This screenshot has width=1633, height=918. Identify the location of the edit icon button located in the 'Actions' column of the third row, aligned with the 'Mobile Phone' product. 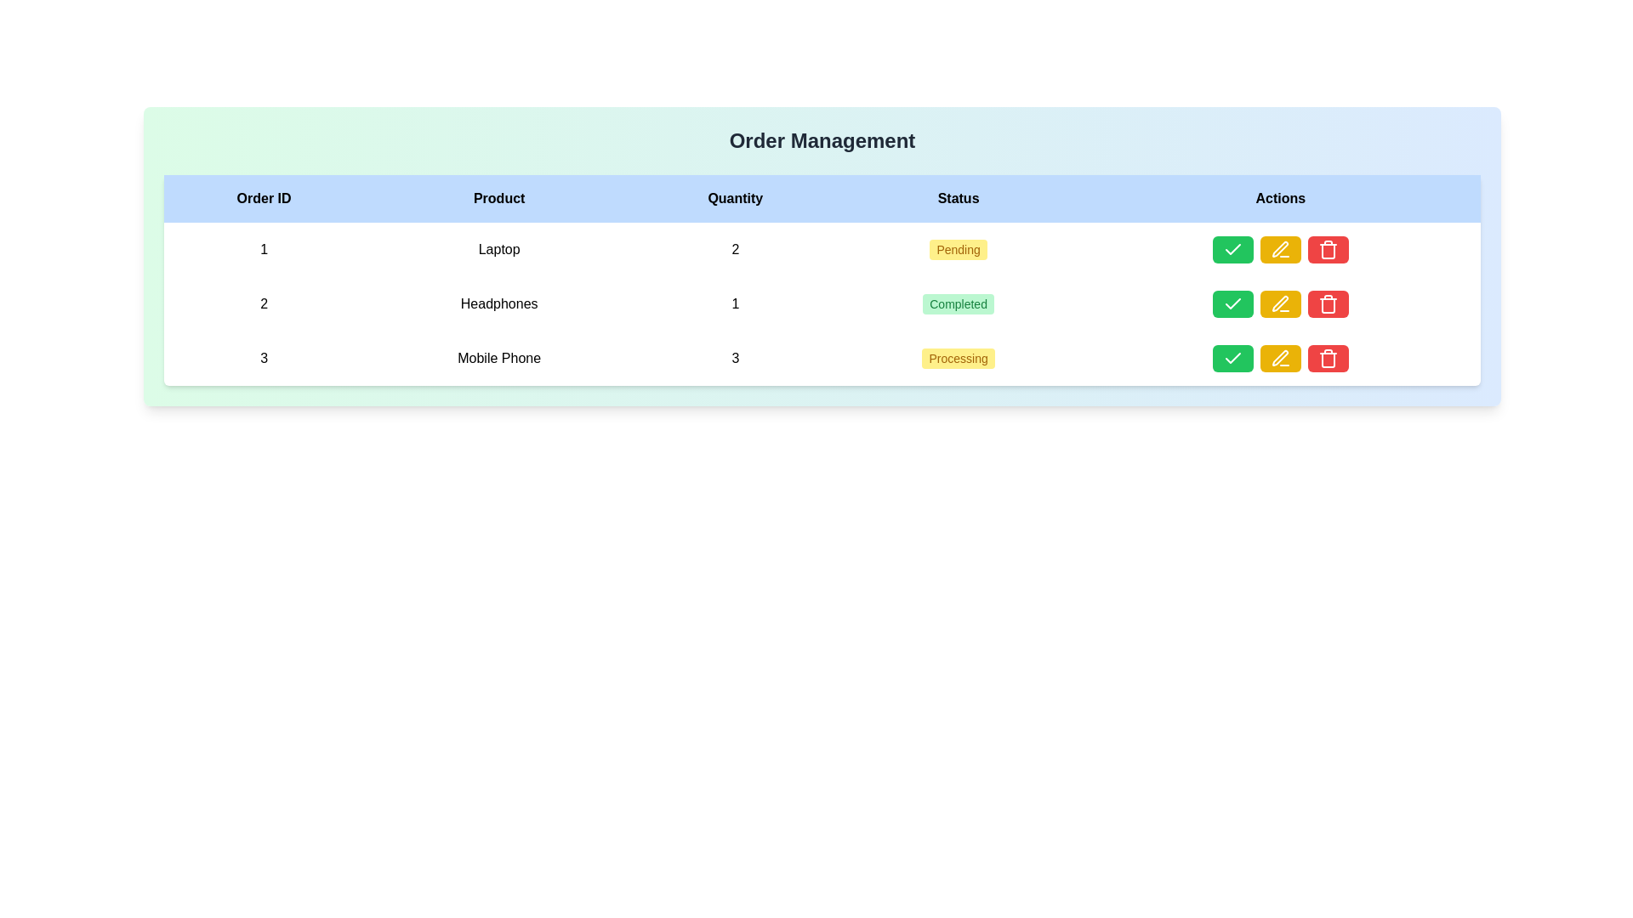
(1280, 357).